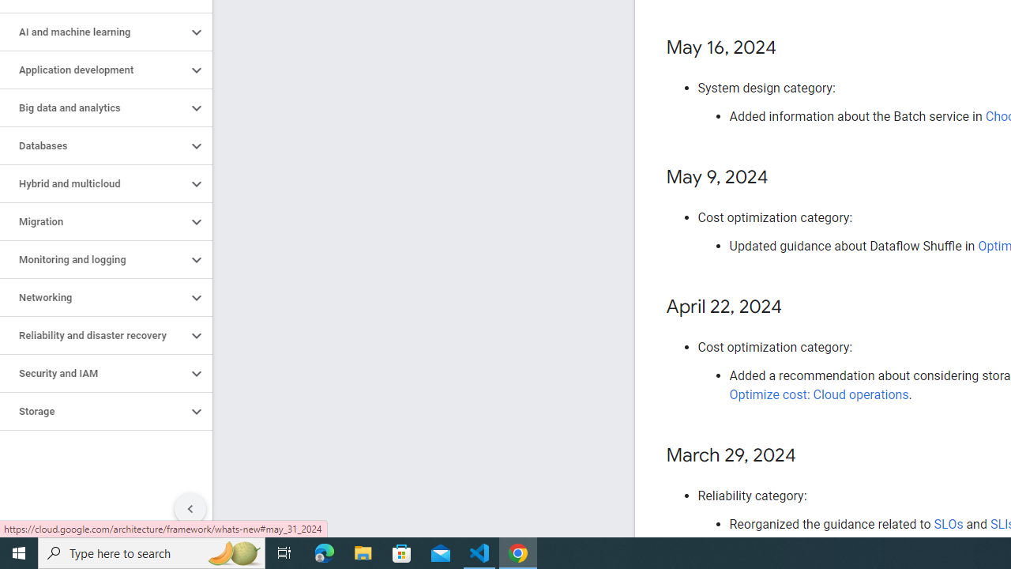 The image size is (1011, 569). Describe the element at coordinates (92, 374) in the screenshot. I see `'Security and IAM'` at that location.